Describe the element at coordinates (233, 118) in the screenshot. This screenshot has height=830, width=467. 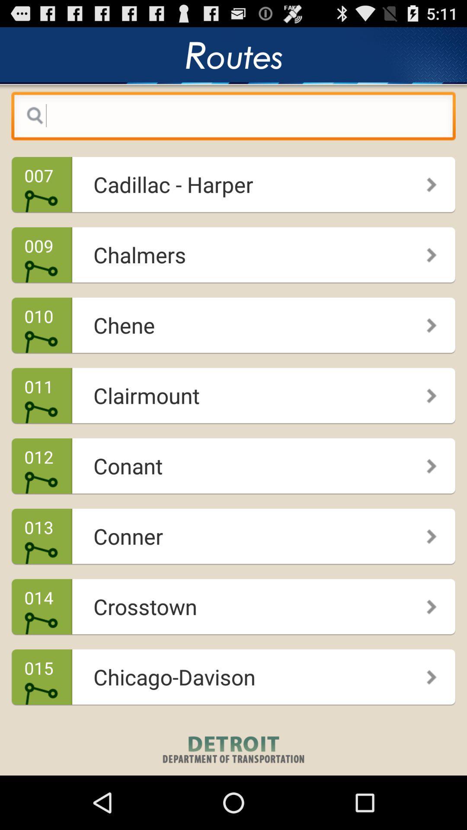
I see `search field` at that location.